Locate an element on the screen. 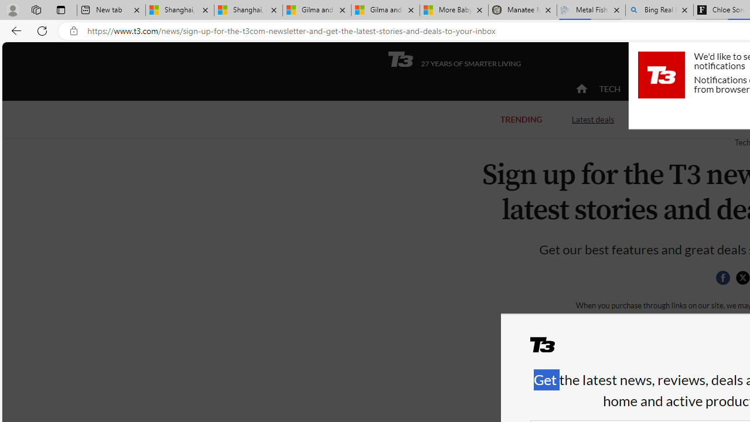  'Latest deals' is located at coordinates (592, 119).